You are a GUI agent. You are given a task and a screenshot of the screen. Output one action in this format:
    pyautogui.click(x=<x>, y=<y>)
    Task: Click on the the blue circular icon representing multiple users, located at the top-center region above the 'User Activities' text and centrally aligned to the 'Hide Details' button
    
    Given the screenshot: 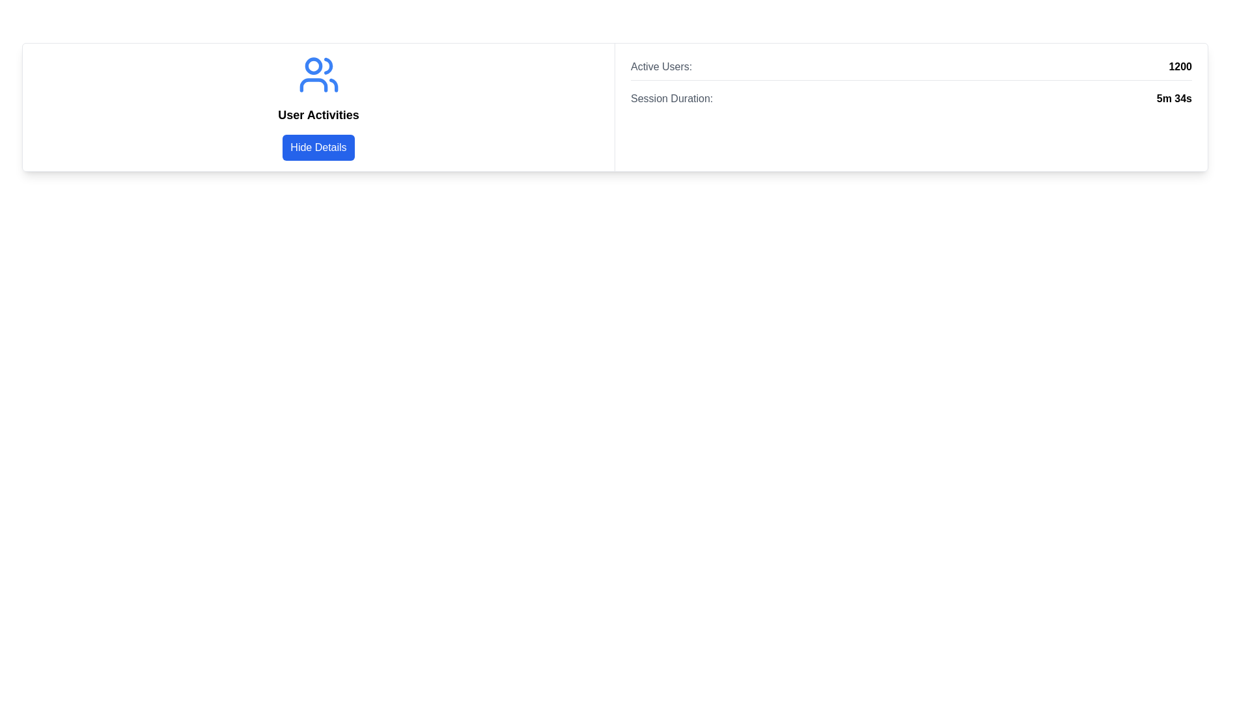 What is the action you would take?
    pyautogui.click(x=318, y=75)
    